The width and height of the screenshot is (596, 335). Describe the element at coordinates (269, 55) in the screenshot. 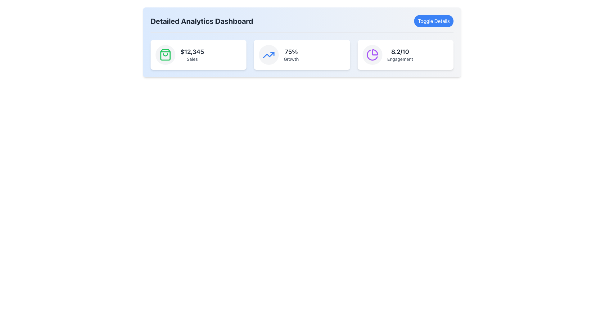

I see `the Icon polyline graphic that forms a sharp zigzag pattern, representing a trend line going upwards, located in the second card from the left under the 'Detailed Analytics Dashboard.'` at that location.